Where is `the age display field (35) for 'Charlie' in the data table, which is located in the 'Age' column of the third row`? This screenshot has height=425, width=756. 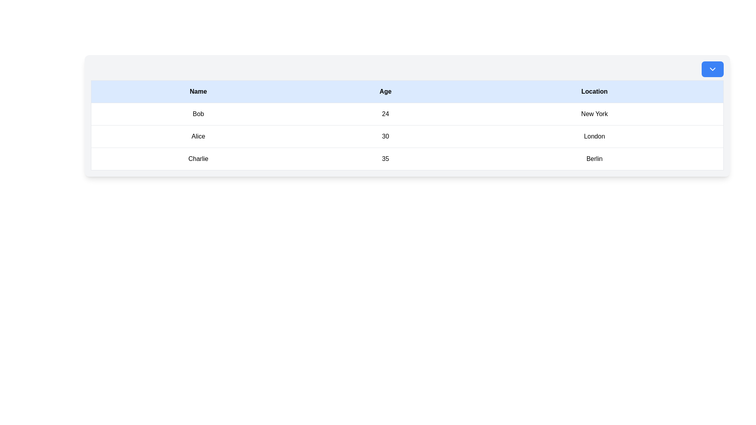
the age display field (35) for 'Charlie' in the data table, which is located in the 'Age' column of the third row is located at coordinates (385, 159).